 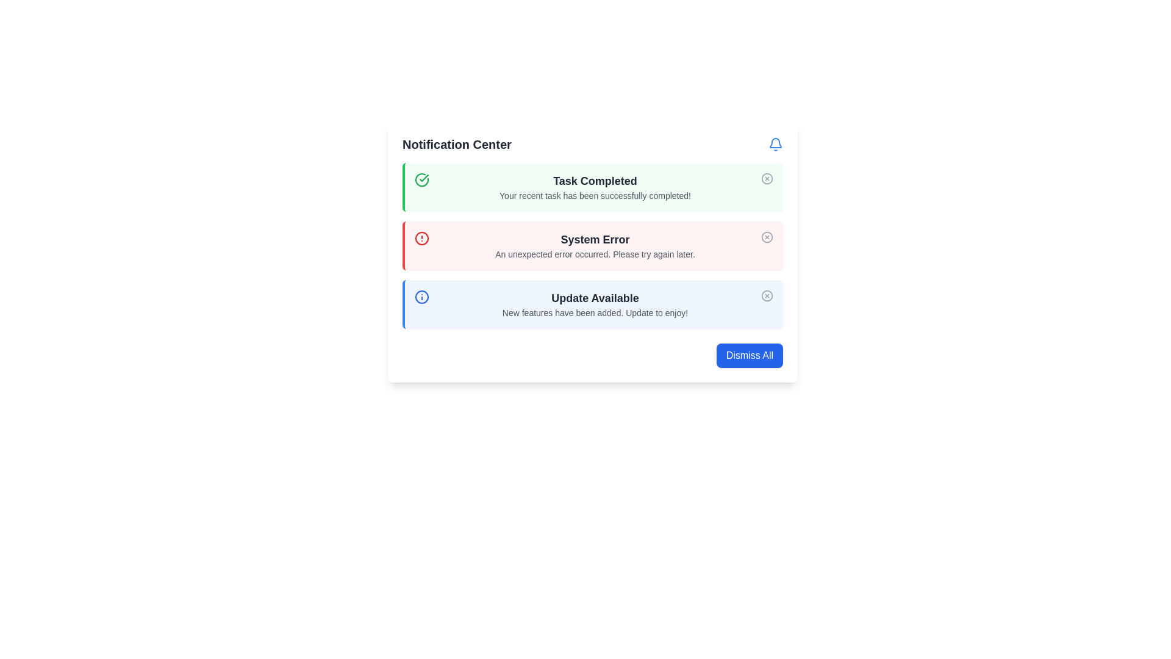 What do you see at coordinates (766, 237) in the screenshot?
I see `the cancel icon located at the far right of the notification message with a light red background` at bounding box center [766, 237].